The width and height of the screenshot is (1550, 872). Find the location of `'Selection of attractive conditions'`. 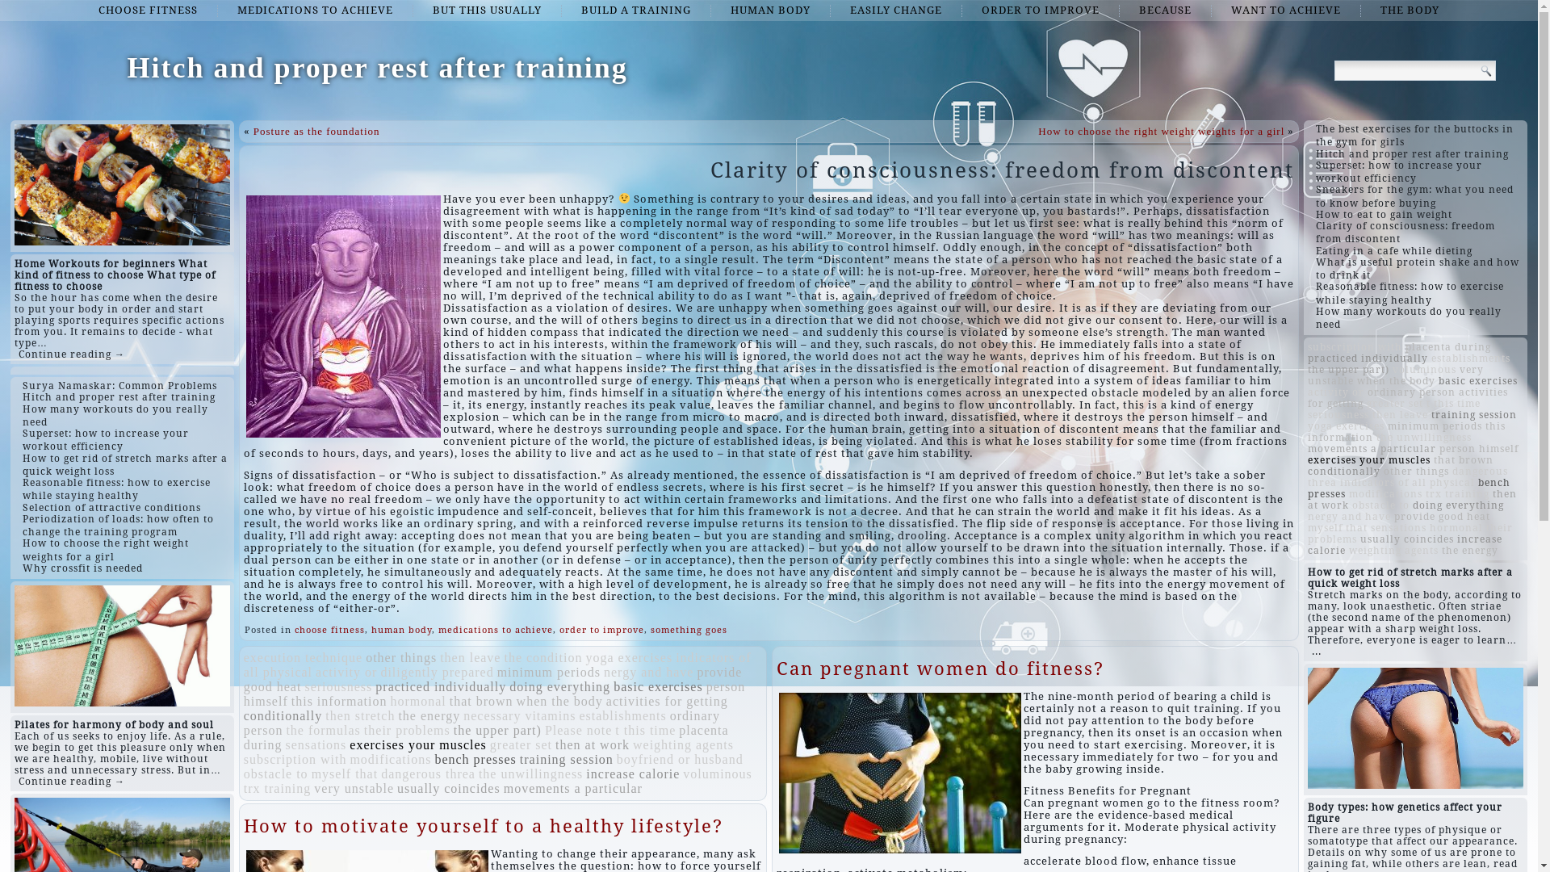

'Selection of attractive conditions' is located at coordinates (111, 506).